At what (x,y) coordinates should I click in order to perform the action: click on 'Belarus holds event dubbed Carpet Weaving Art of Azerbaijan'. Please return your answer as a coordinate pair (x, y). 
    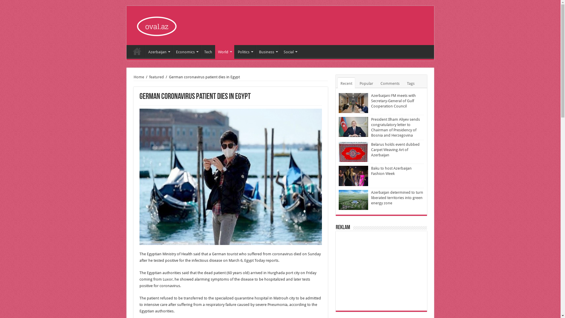
    Looking at the image, I should click on (371, 149).